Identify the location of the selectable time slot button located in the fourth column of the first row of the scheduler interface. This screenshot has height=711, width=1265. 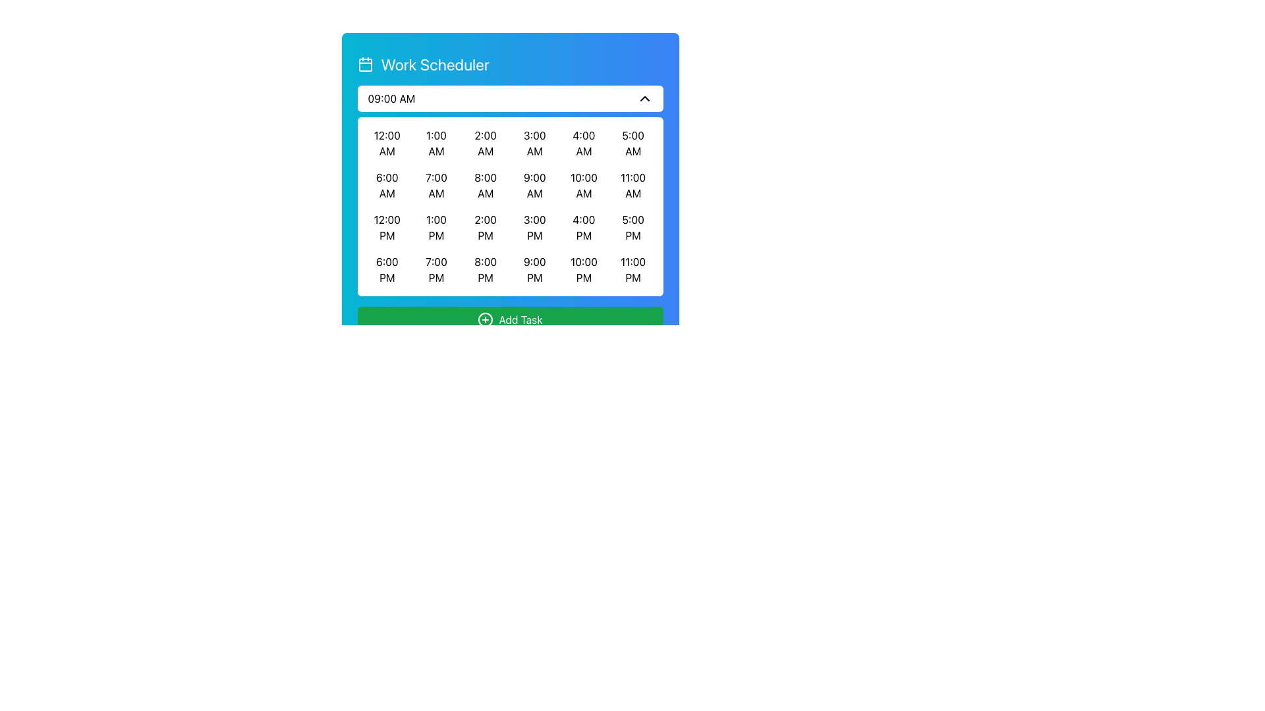
(534, 144).